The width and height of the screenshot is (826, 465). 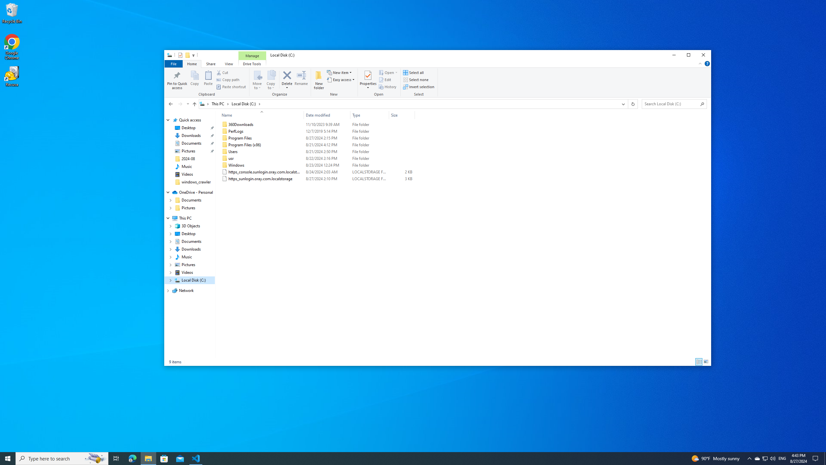 What do you see at coordinates (396, 73) in the screenshot?
I see `'Open'` at bounding box center [396, 73].